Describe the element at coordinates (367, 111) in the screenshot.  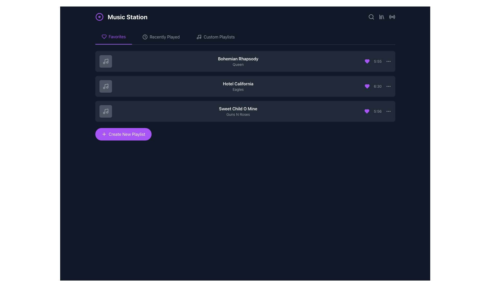
I see `the heart-shaped iconic button with a purple fill color located in the third row of the playlist items, adjacent to the duration text '5:56'` at that location.